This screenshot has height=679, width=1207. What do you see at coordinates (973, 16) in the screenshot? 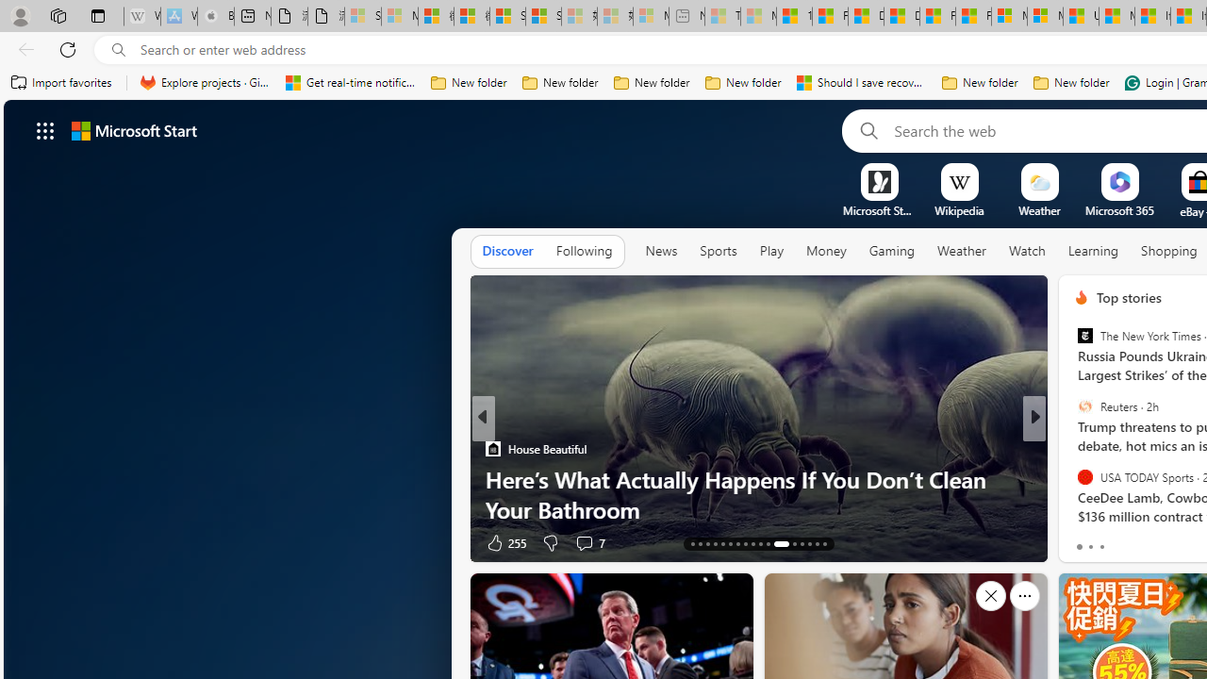
I see `'Foo BAR | Trusted Community Engagement and Contributions'` at bounding box center [973, 16].